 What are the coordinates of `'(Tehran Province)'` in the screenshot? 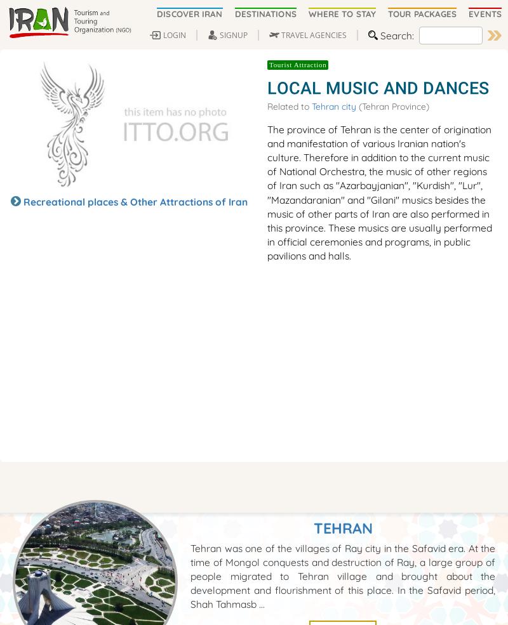 It's located at (392, 105).